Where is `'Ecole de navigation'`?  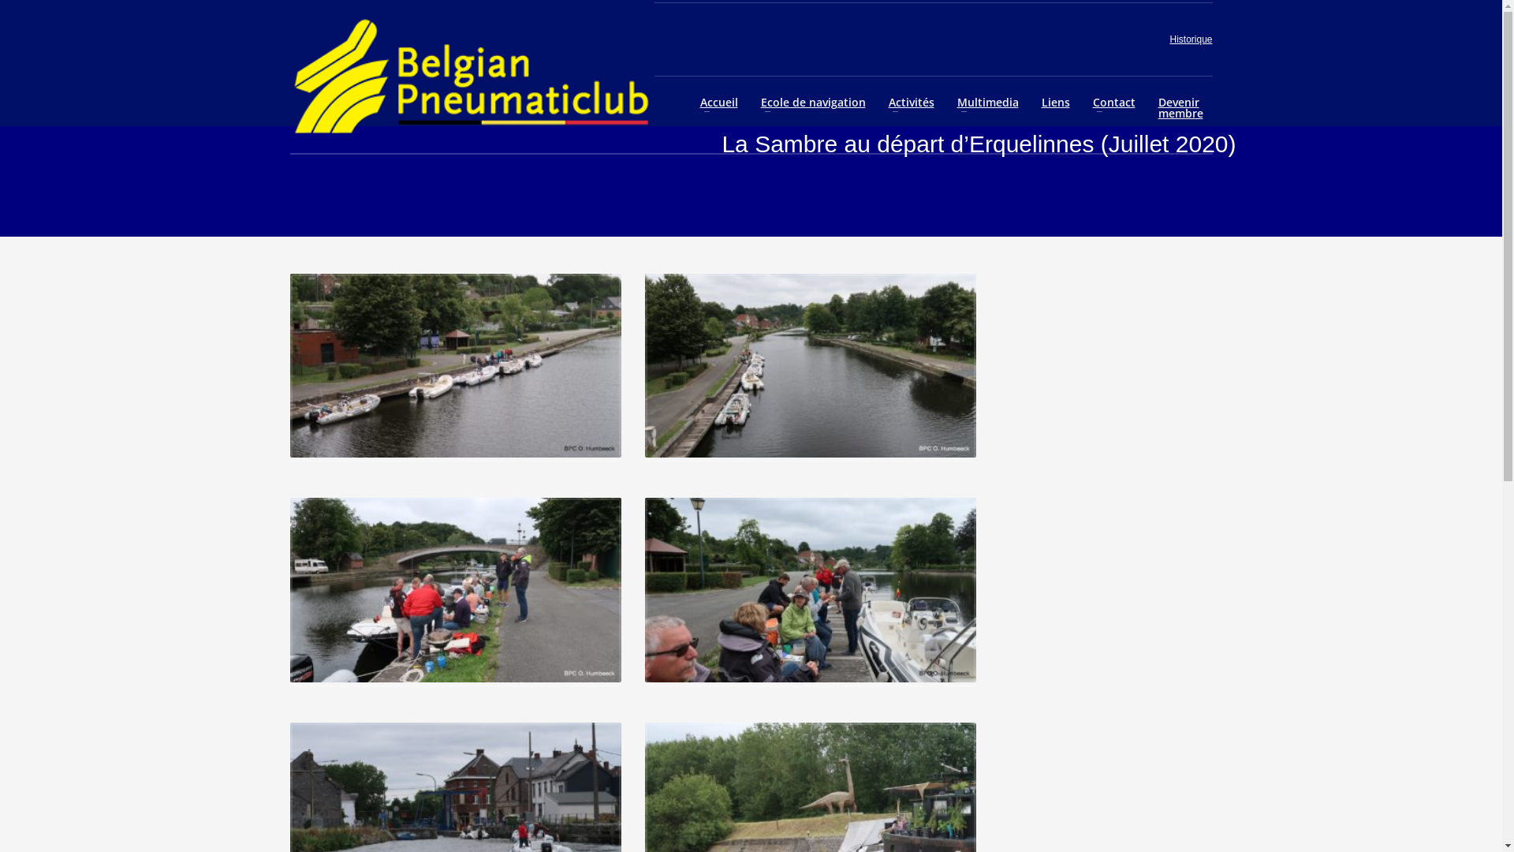
'Ecole de navigation' is located at coordinates (813, 103).